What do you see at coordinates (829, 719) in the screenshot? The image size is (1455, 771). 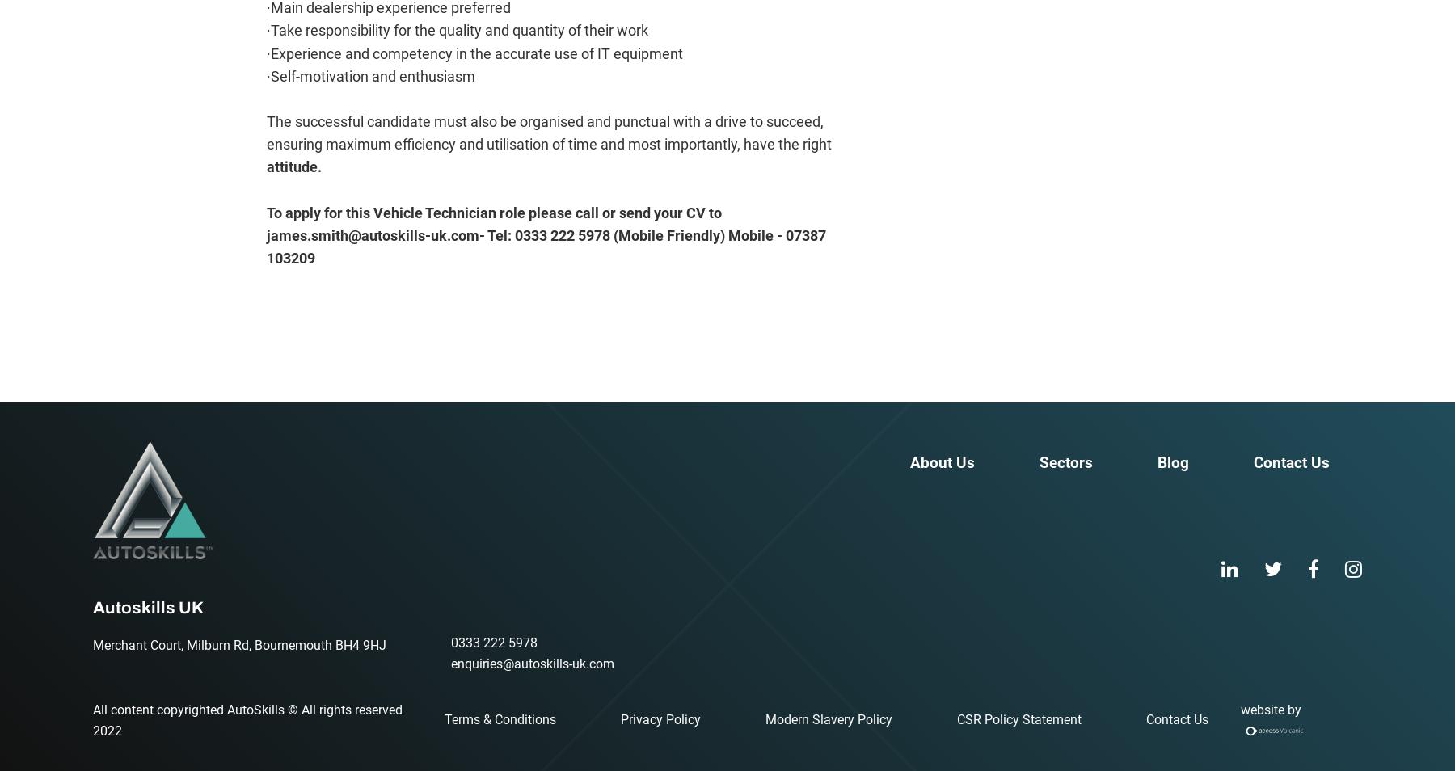 I see `'Modern Slavery Policy'` at bounding box center [829, 719].